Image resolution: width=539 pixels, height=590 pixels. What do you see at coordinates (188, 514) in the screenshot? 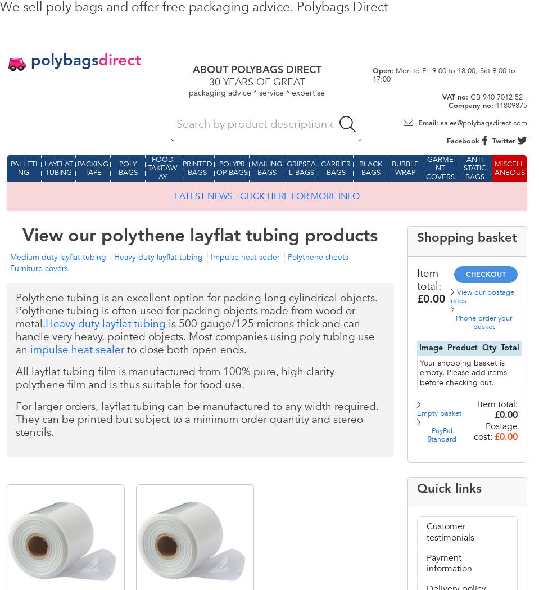
I see `'3991.00'` at bounding box center [188, 514].